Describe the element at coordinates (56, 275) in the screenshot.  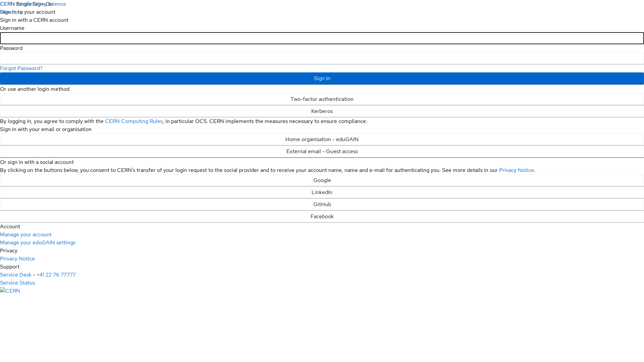
I see `'+41 22 76 77777'` at that location.